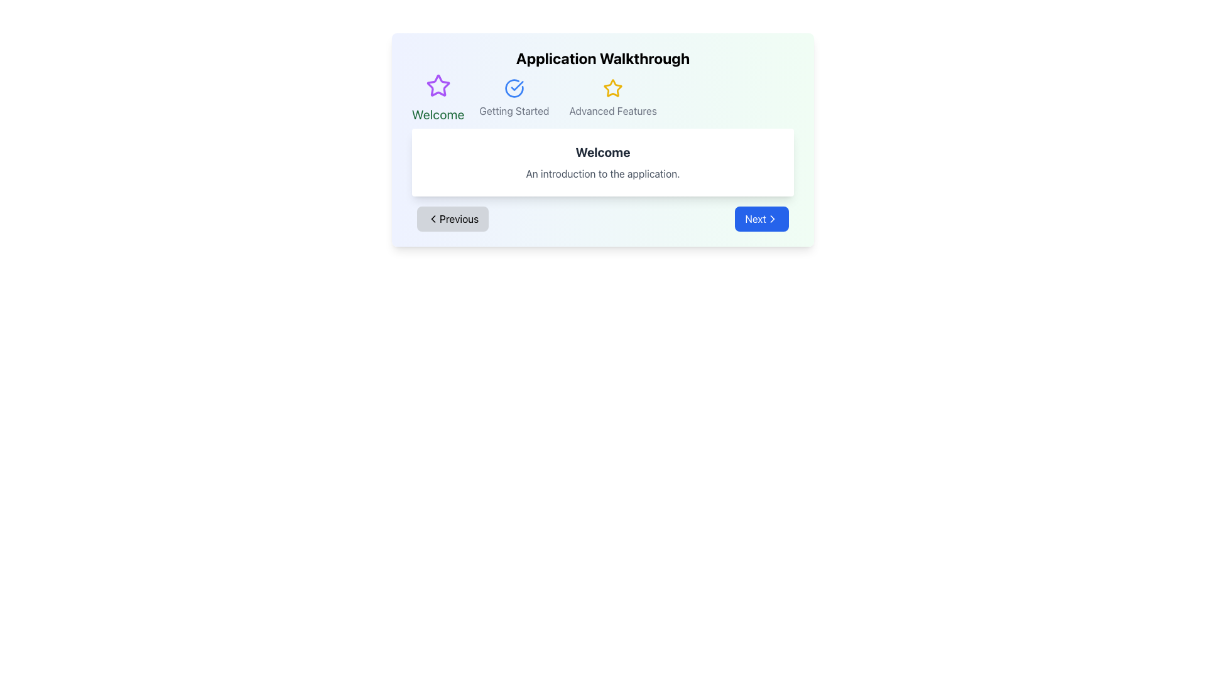  Describe the element at coordinates (613, 87) in the screenshot. I see `the Decorative Icon indicating the first stage or tab titled 'Welcome' in the application walkthrough, located above the text 'Welcome'` at that location.